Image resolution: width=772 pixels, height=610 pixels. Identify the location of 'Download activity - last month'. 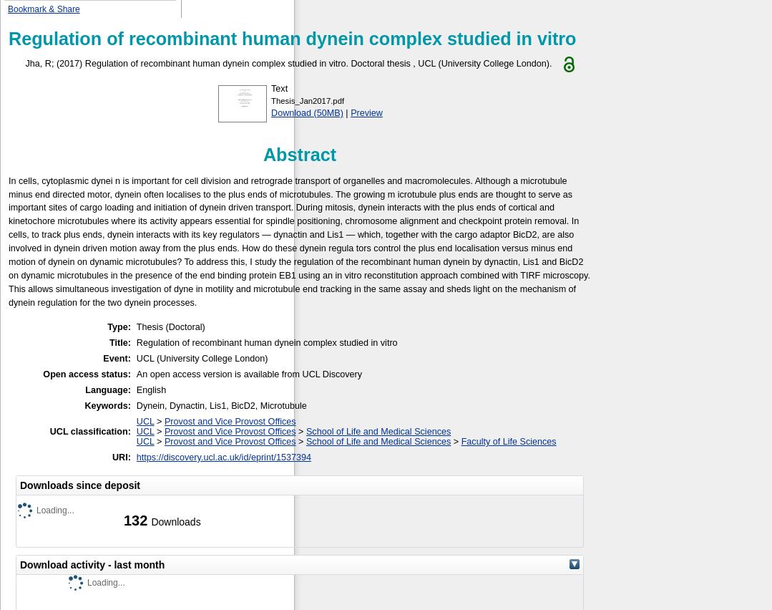
(92, 563).